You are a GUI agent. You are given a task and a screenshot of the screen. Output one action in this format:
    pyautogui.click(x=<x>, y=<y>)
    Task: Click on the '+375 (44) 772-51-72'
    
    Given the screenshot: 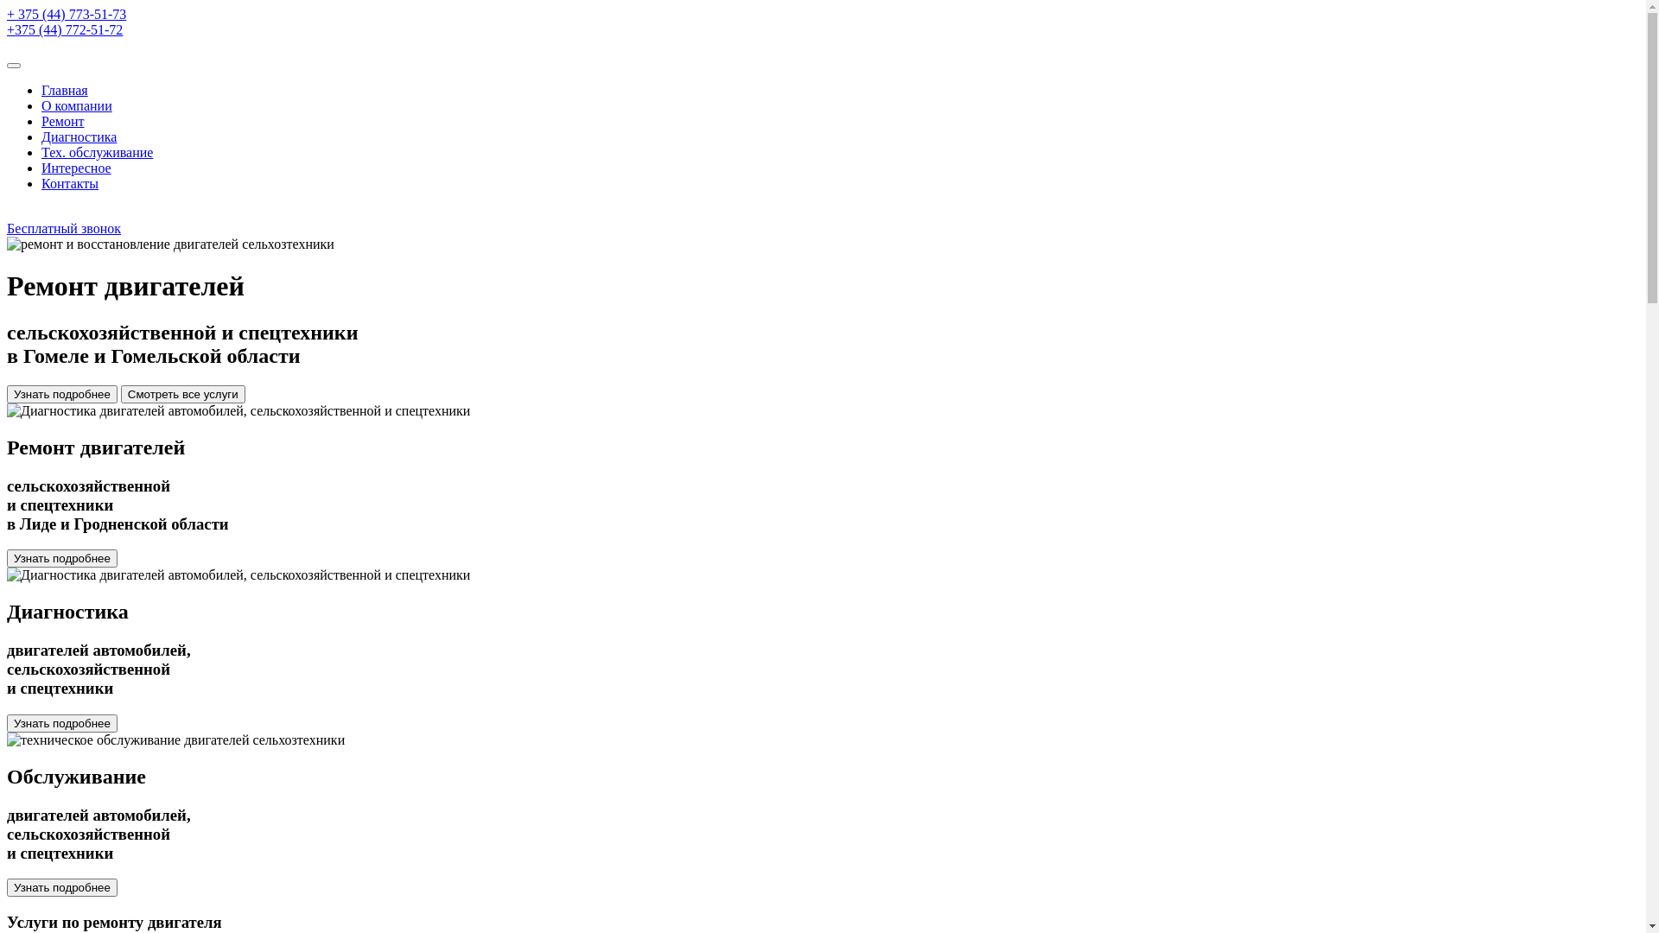 What is the action you would take?
    pyautogui.click(x=65, y=29)
    